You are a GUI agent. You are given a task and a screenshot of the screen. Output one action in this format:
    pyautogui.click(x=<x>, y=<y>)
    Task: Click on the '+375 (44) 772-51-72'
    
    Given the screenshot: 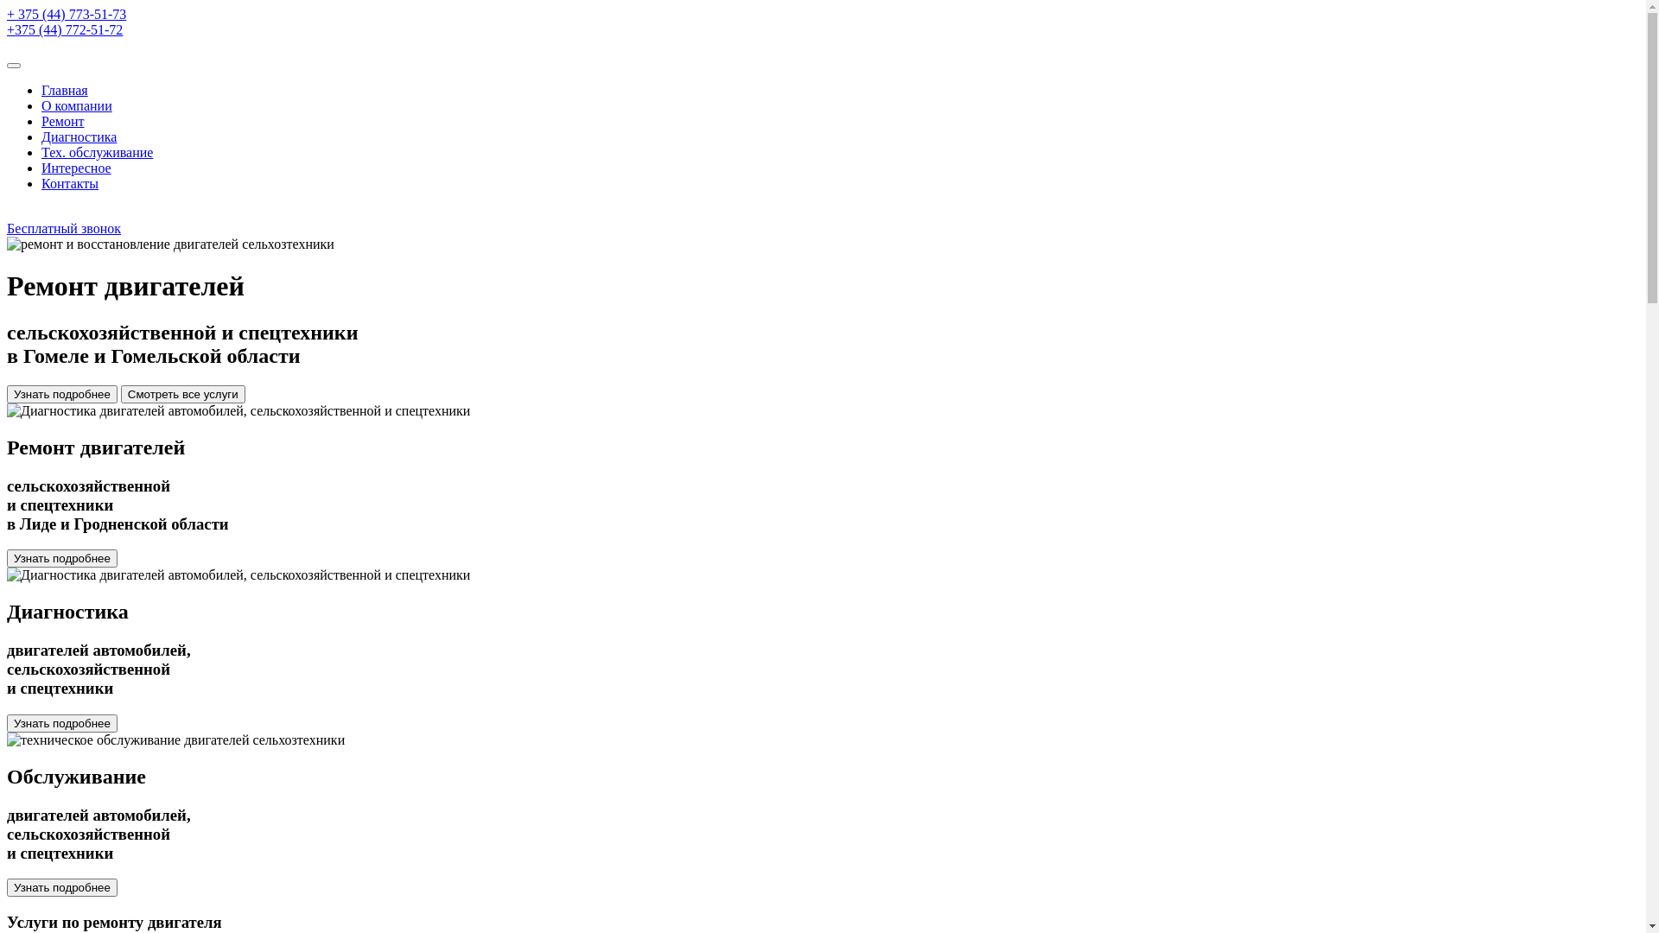 What is the action you would take?
    pyautogui.click(x=65, y=29)
    